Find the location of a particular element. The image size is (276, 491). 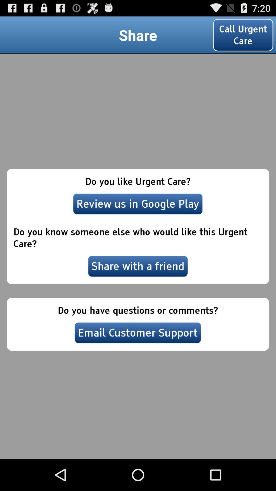

item below the do you know icon is located at coordinates (138, 266).